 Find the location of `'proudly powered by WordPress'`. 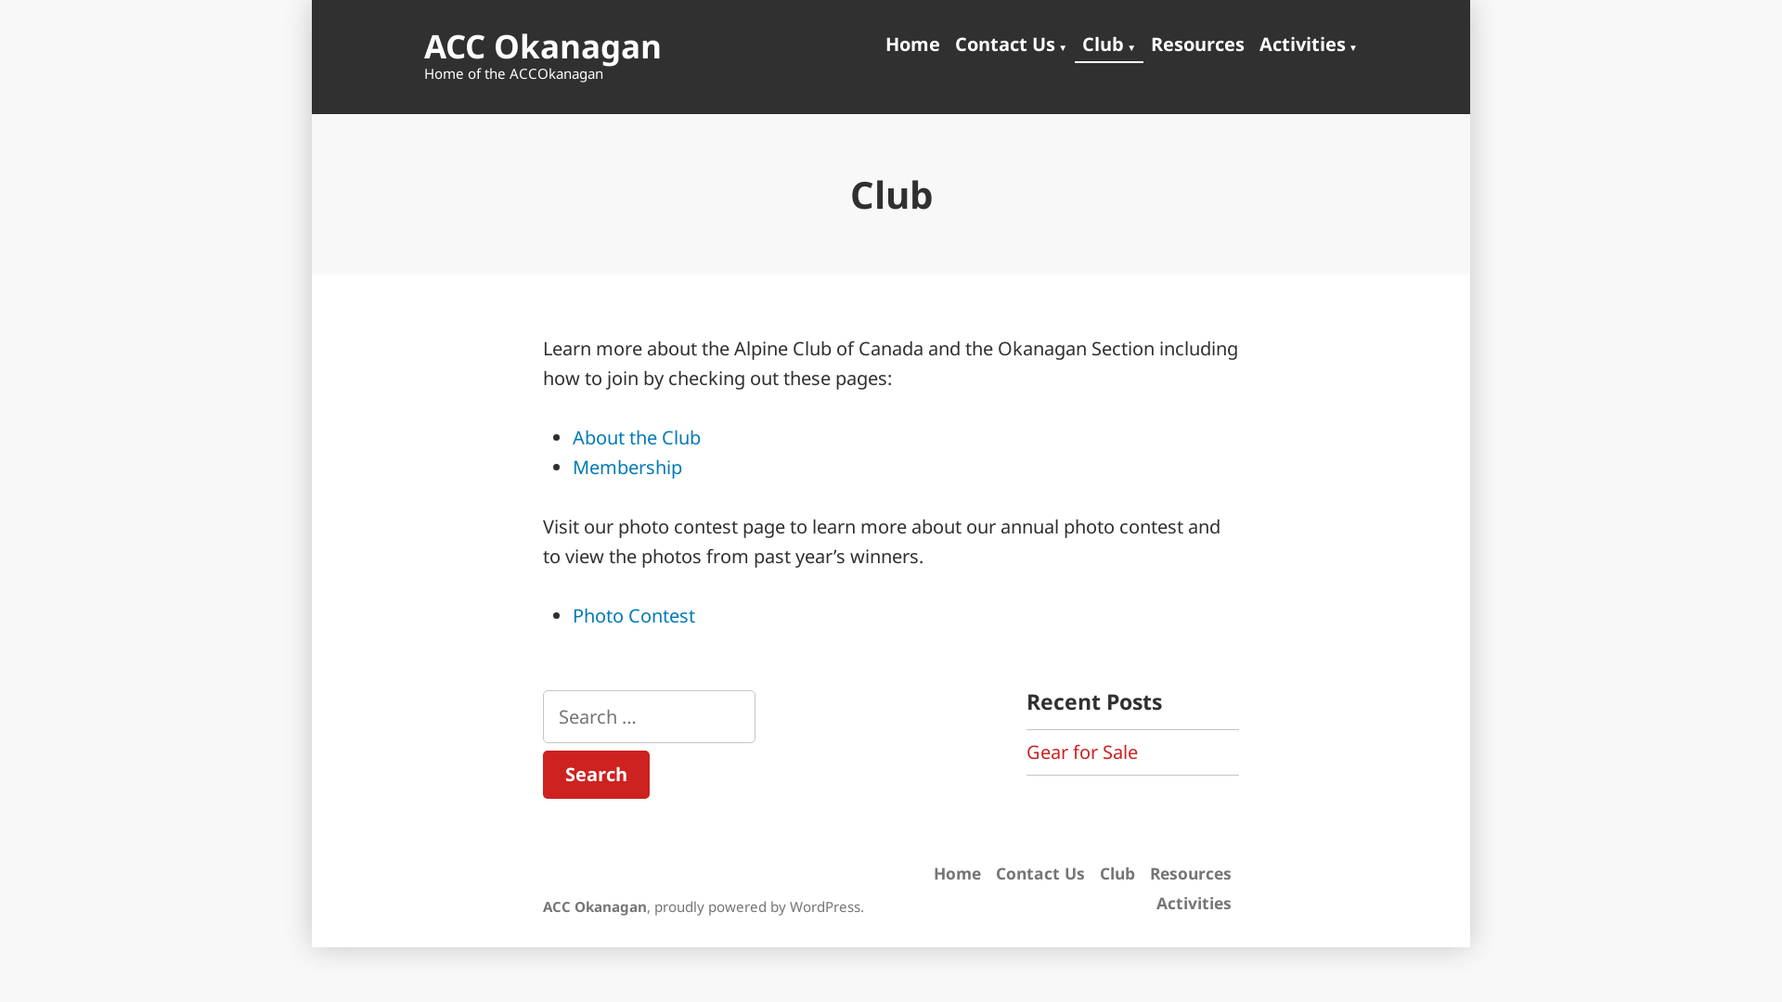

'proudly powered by WordPress' is located at coordinates (757, 905).